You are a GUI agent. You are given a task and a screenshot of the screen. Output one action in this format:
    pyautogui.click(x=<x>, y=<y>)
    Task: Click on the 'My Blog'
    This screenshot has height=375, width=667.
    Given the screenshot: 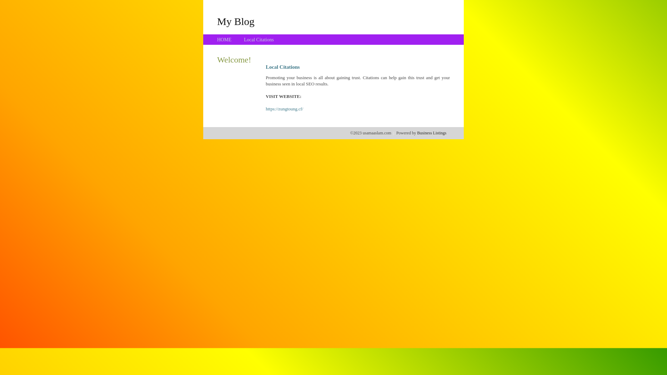 What is the action you would take?
    pyautogui.click(x=236, y=21)
    